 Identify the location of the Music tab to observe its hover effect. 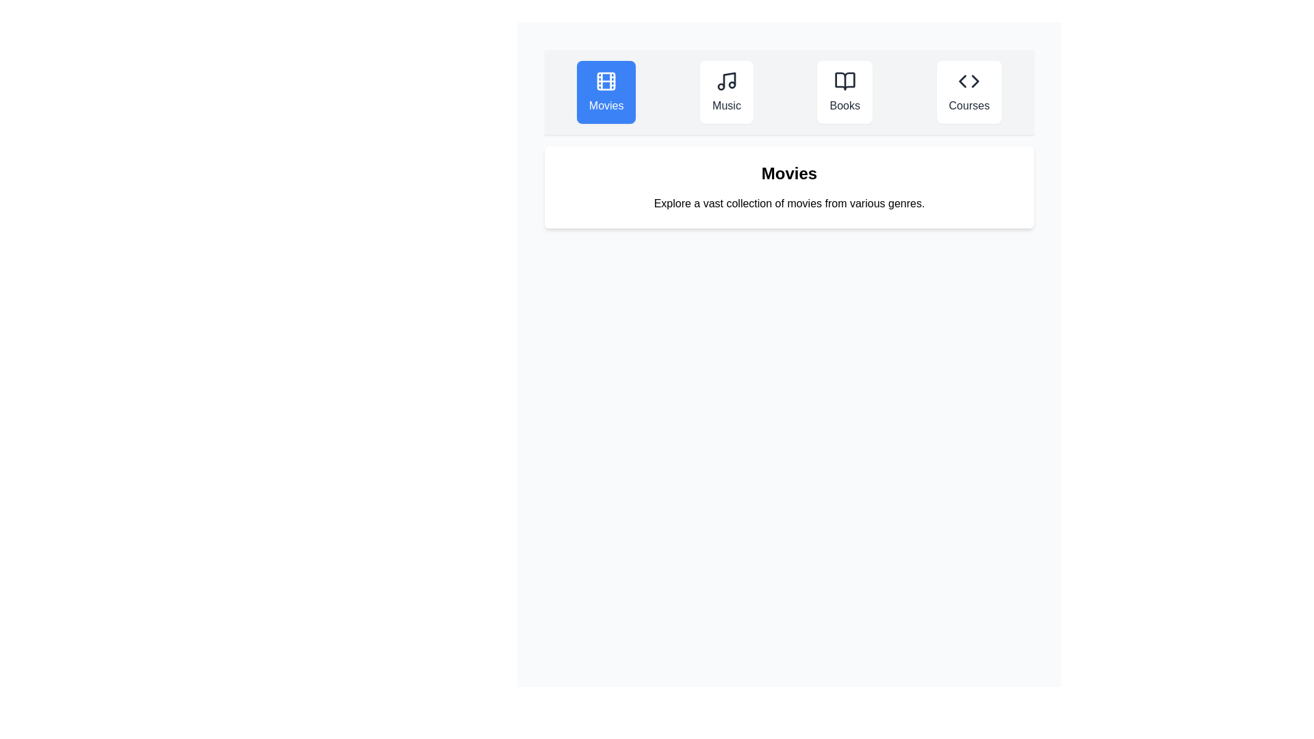
(725, 92).